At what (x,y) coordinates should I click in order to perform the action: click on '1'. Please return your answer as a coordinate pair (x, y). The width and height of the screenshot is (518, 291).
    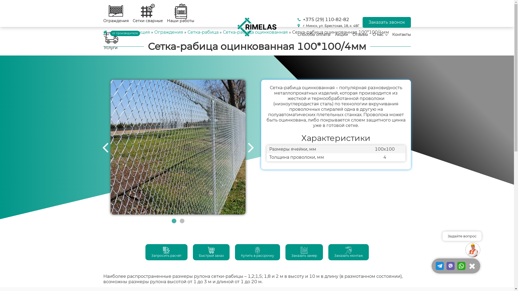
    Looking at the image, I should click on (174, 221).